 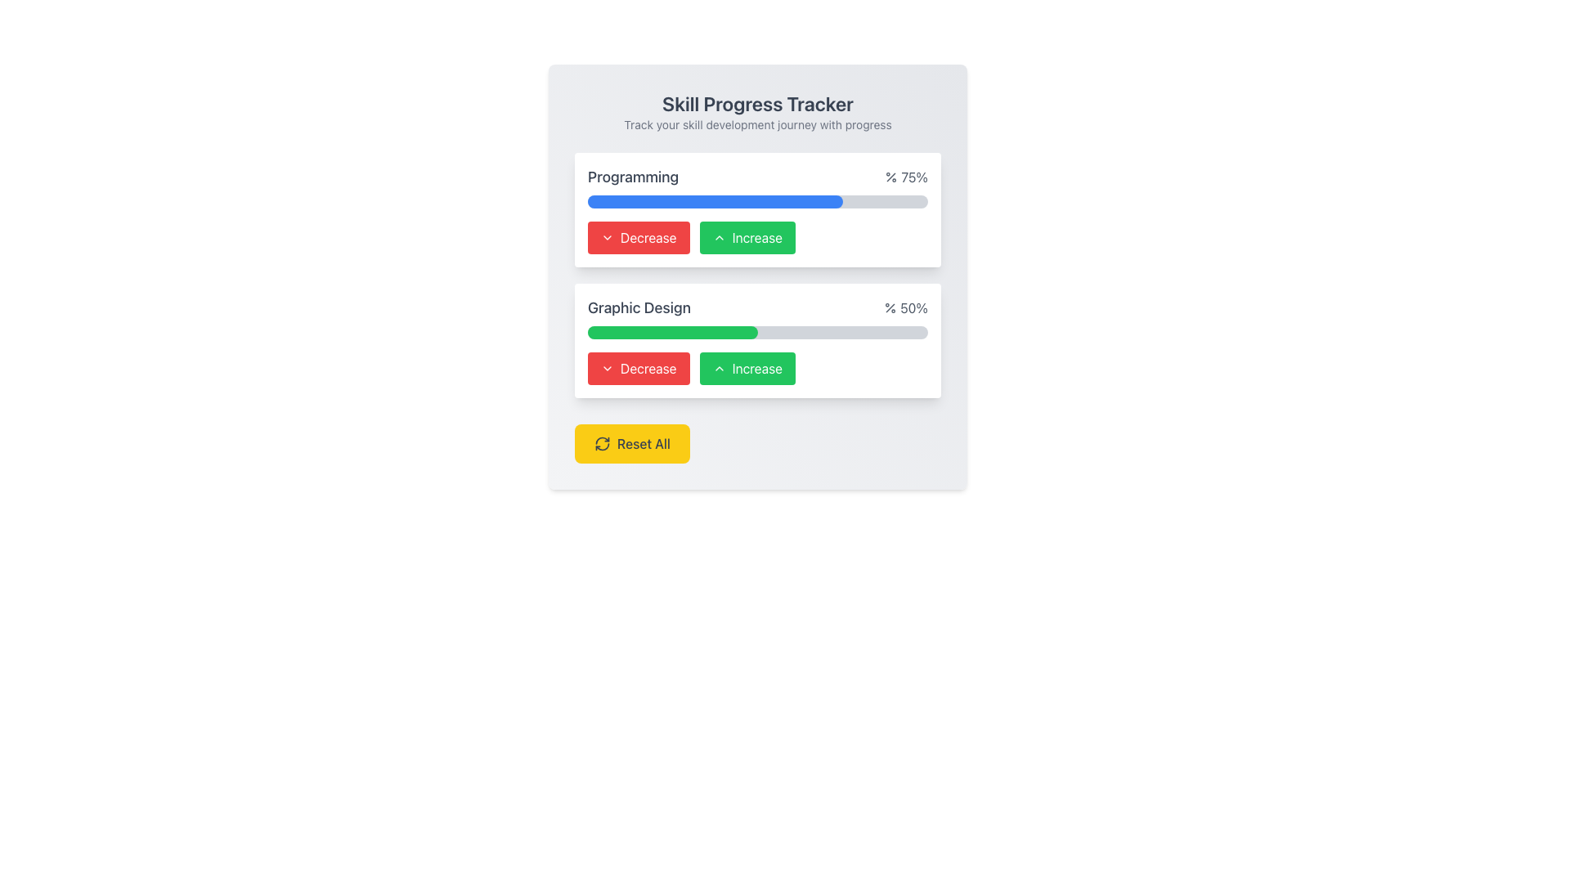 I want to click on the green progress bar segment within the 'Graphic Design' skill progress tracker, which spans half the width of the gray background track, so click(x=672, y=332).